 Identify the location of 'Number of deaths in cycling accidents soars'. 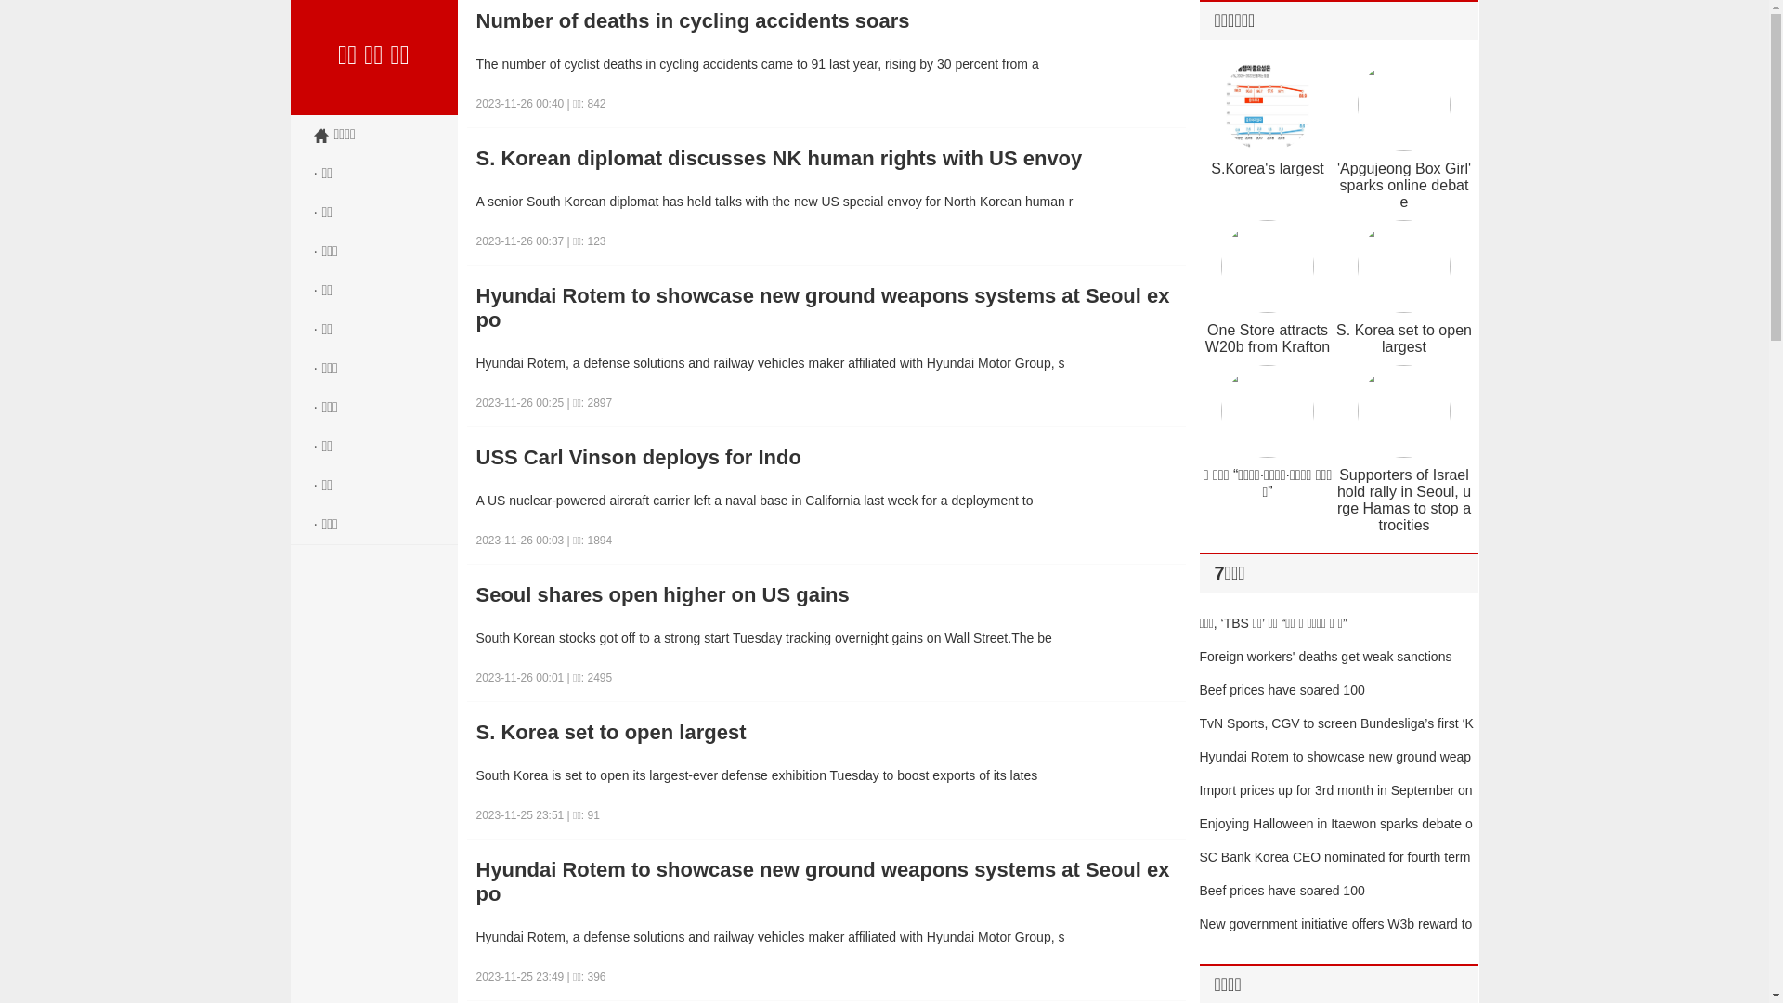
(825, 21).